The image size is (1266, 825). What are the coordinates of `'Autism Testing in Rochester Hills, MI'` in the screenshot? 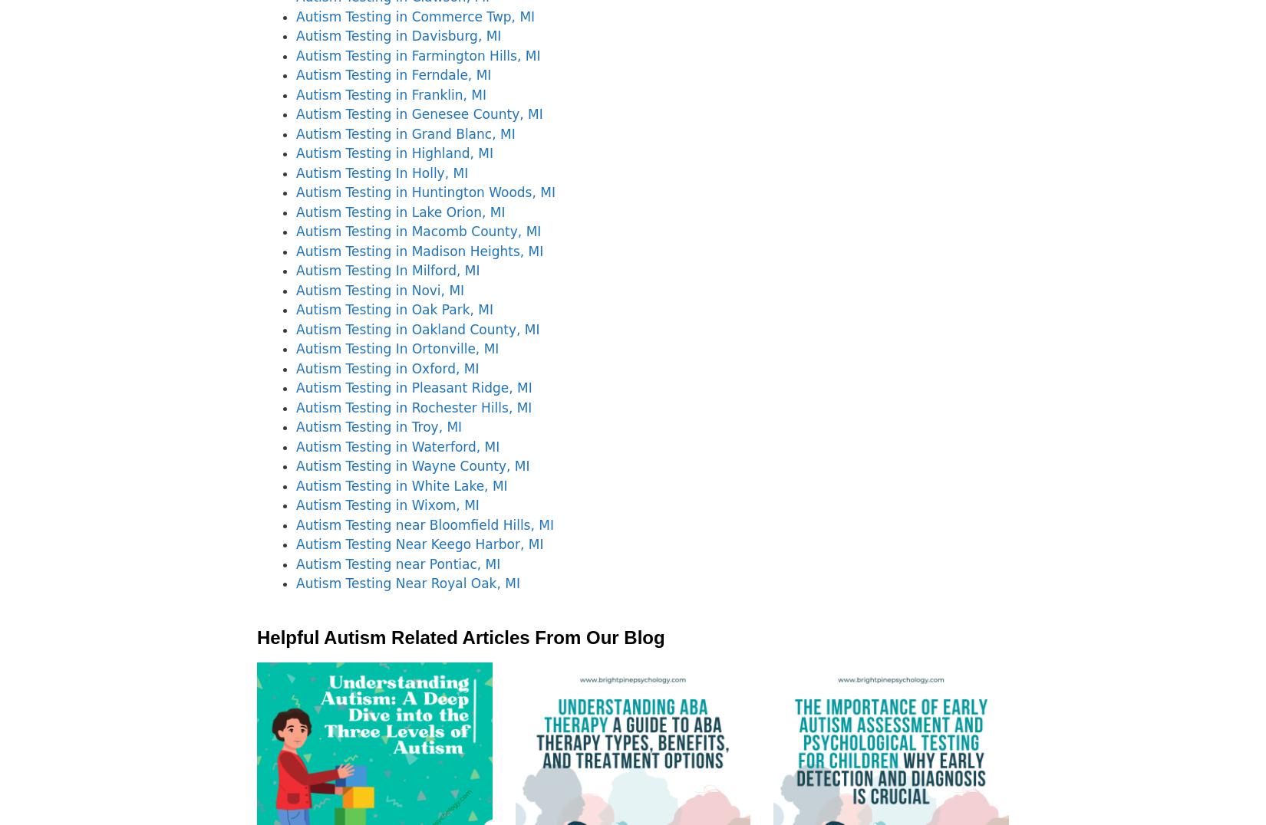 It's located at (413, 407).